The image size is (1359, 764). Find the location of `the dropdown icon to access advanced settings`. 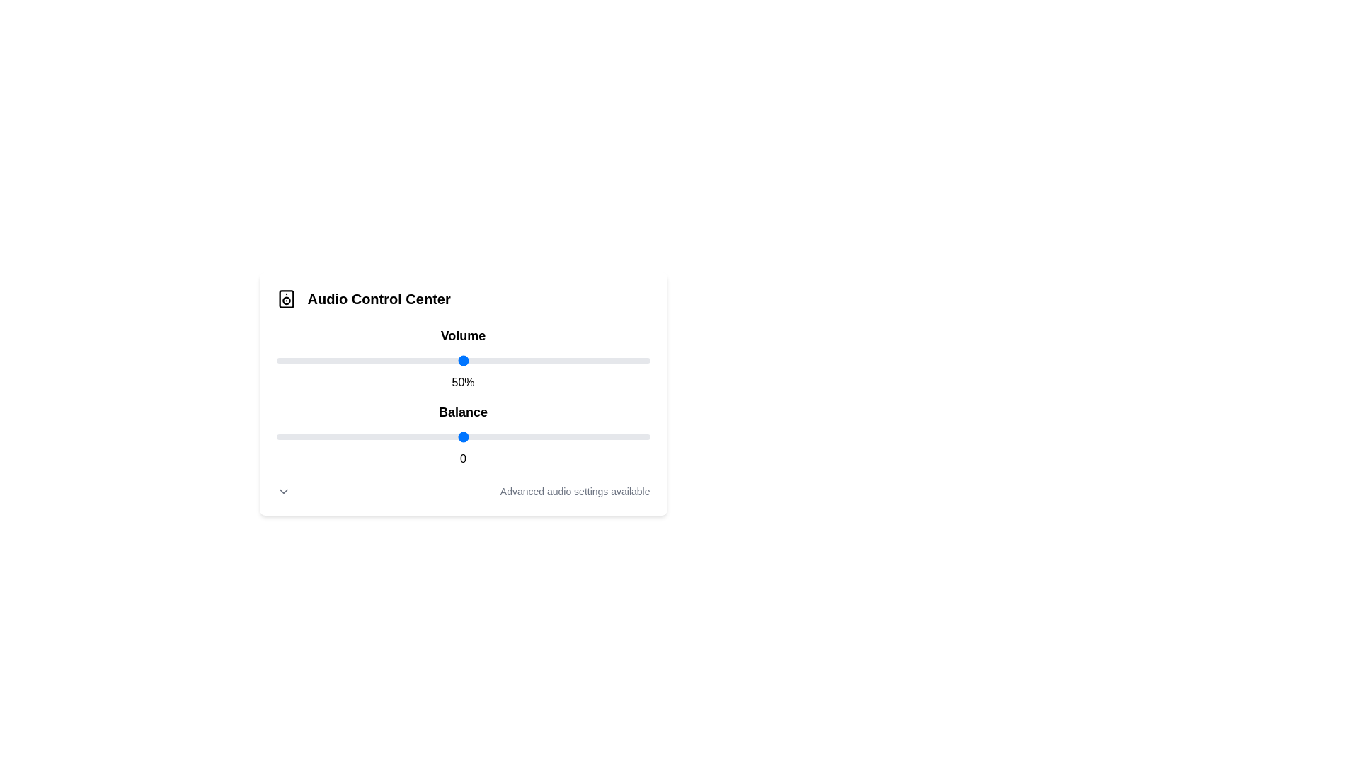

the dropdown icon to access advanced settings is located at coordinates (283, 490).